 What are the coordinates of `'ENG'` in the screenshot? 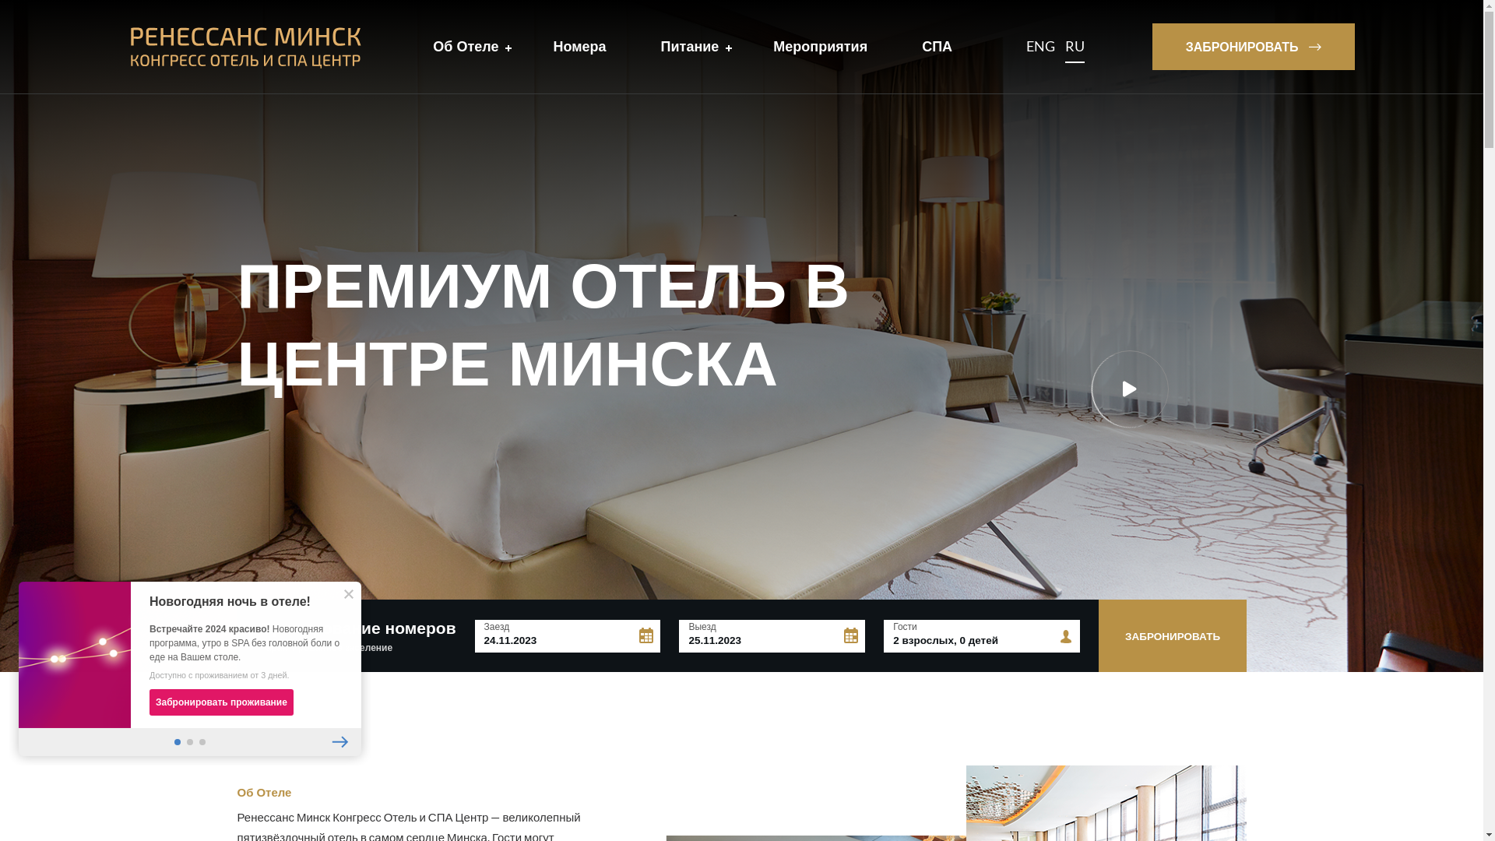 It's located at (1040, 46).